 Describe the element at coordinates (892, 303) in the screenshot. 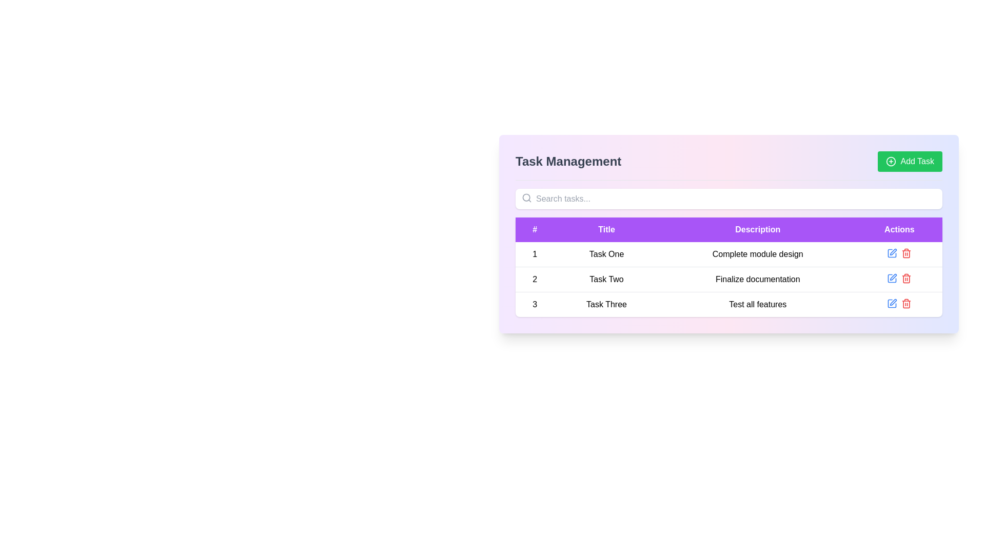

I see `the editing icon located in the third row of actions under the 'Actions' column for 'Task Three'` at that location.